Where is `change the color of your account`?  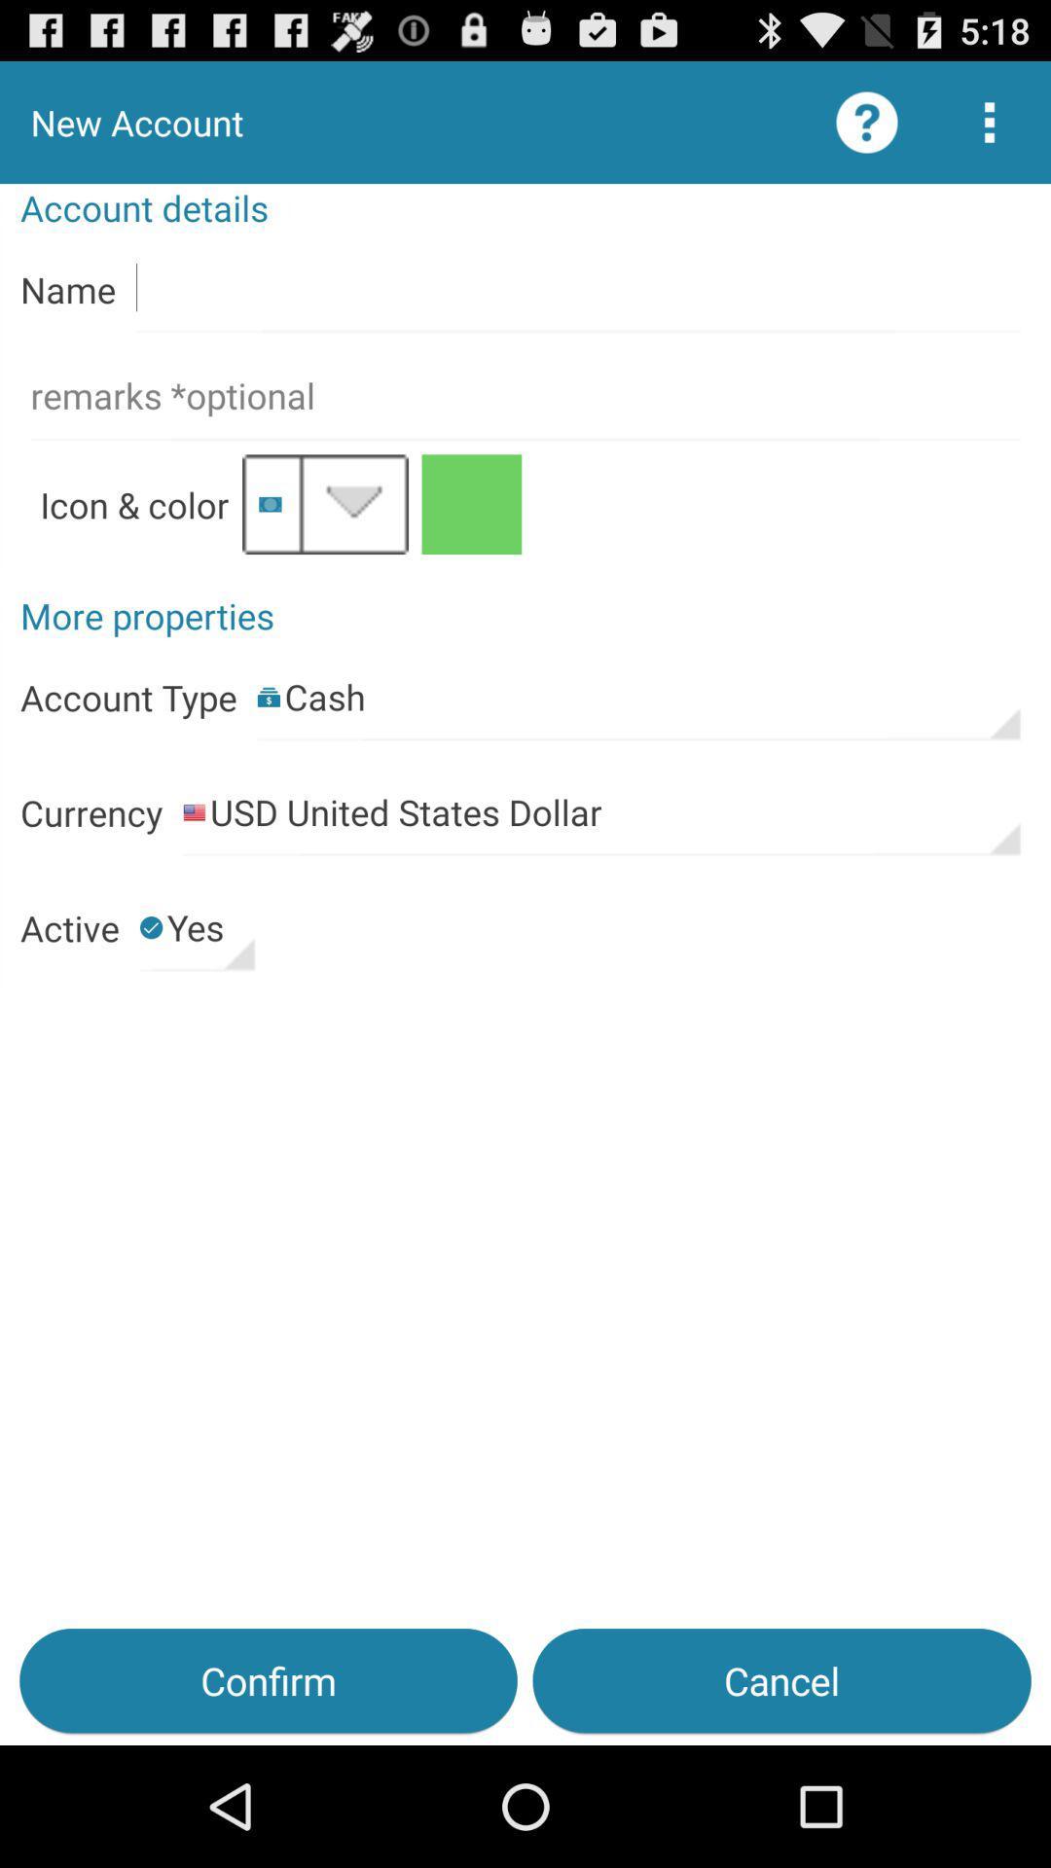 change the color of your account is located at coordinates (471, 504).